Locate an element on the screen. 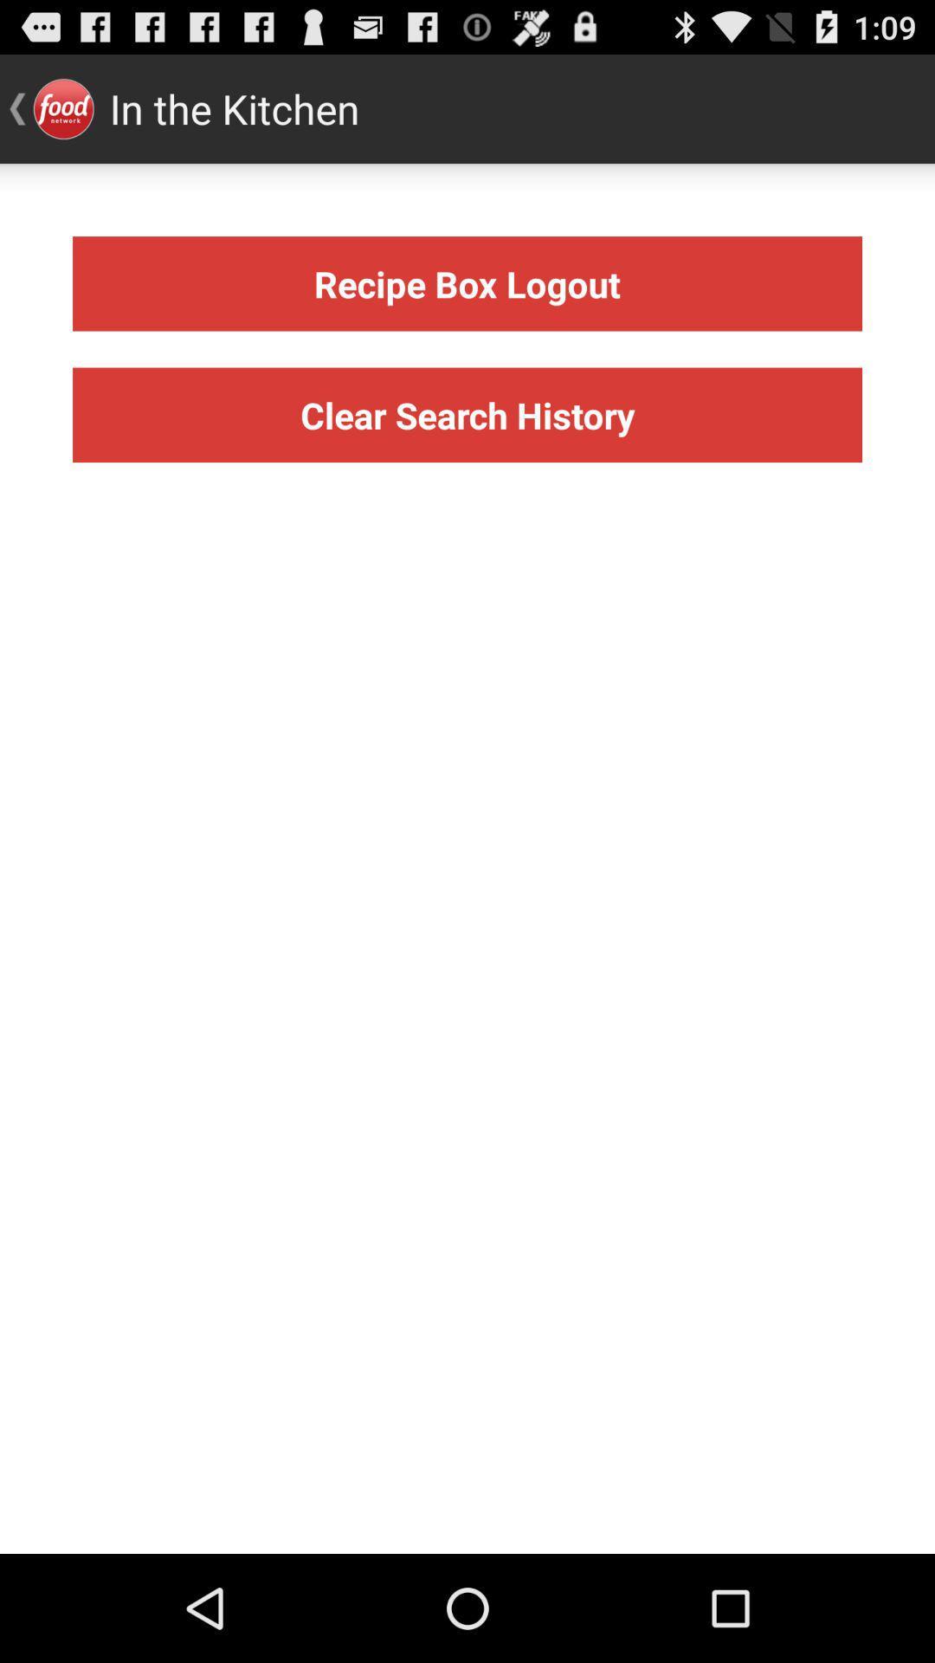 This screenshot has width=935, height=1663. recipe box logout icon is located at coordinates (467, 283).